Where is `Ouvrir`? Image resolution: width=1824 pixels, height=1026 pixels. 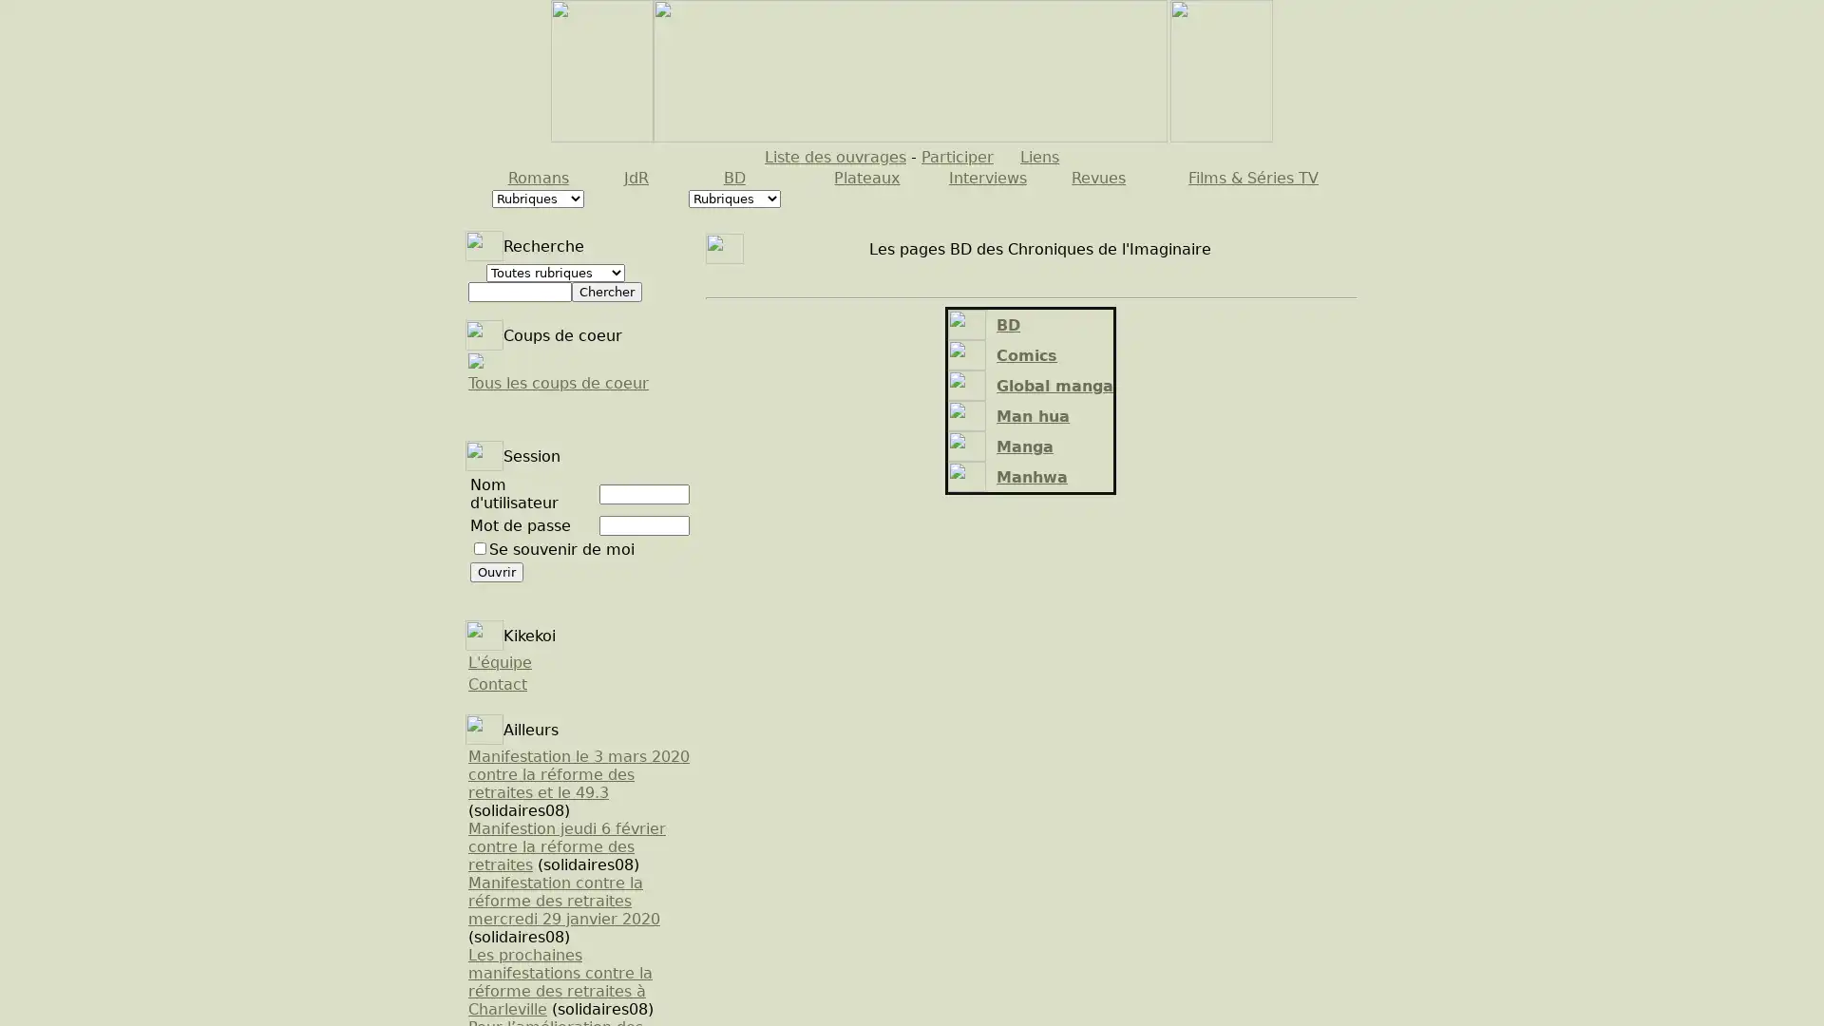 Ouvrir is located at coordinates (497, 571).